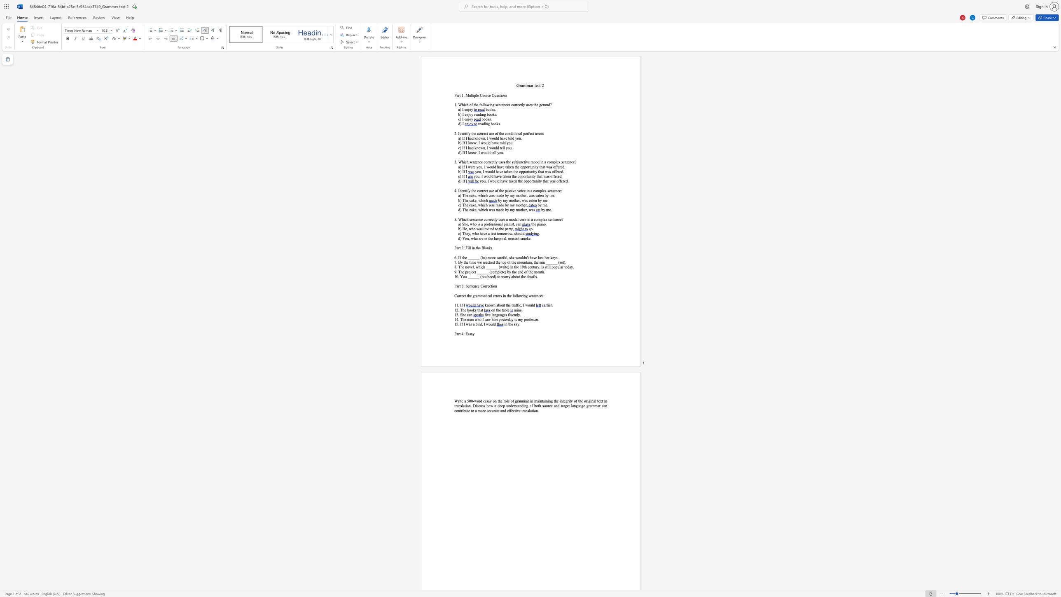 Image resolution: width=1061 pixels, height=597 pixels. I want to click on the space between the continuous character "o" and "f" in the text, so click(496, 190).